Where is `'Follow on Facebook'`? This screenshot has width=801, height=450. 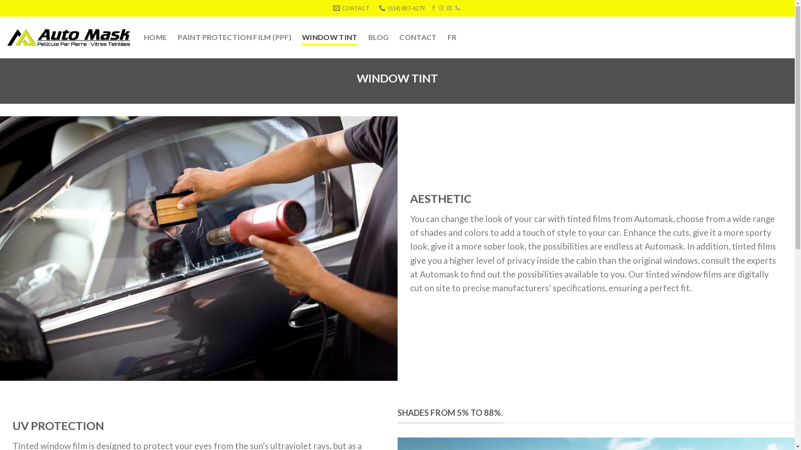 'Follow on Facebook' is located at coordinates (433, 8).